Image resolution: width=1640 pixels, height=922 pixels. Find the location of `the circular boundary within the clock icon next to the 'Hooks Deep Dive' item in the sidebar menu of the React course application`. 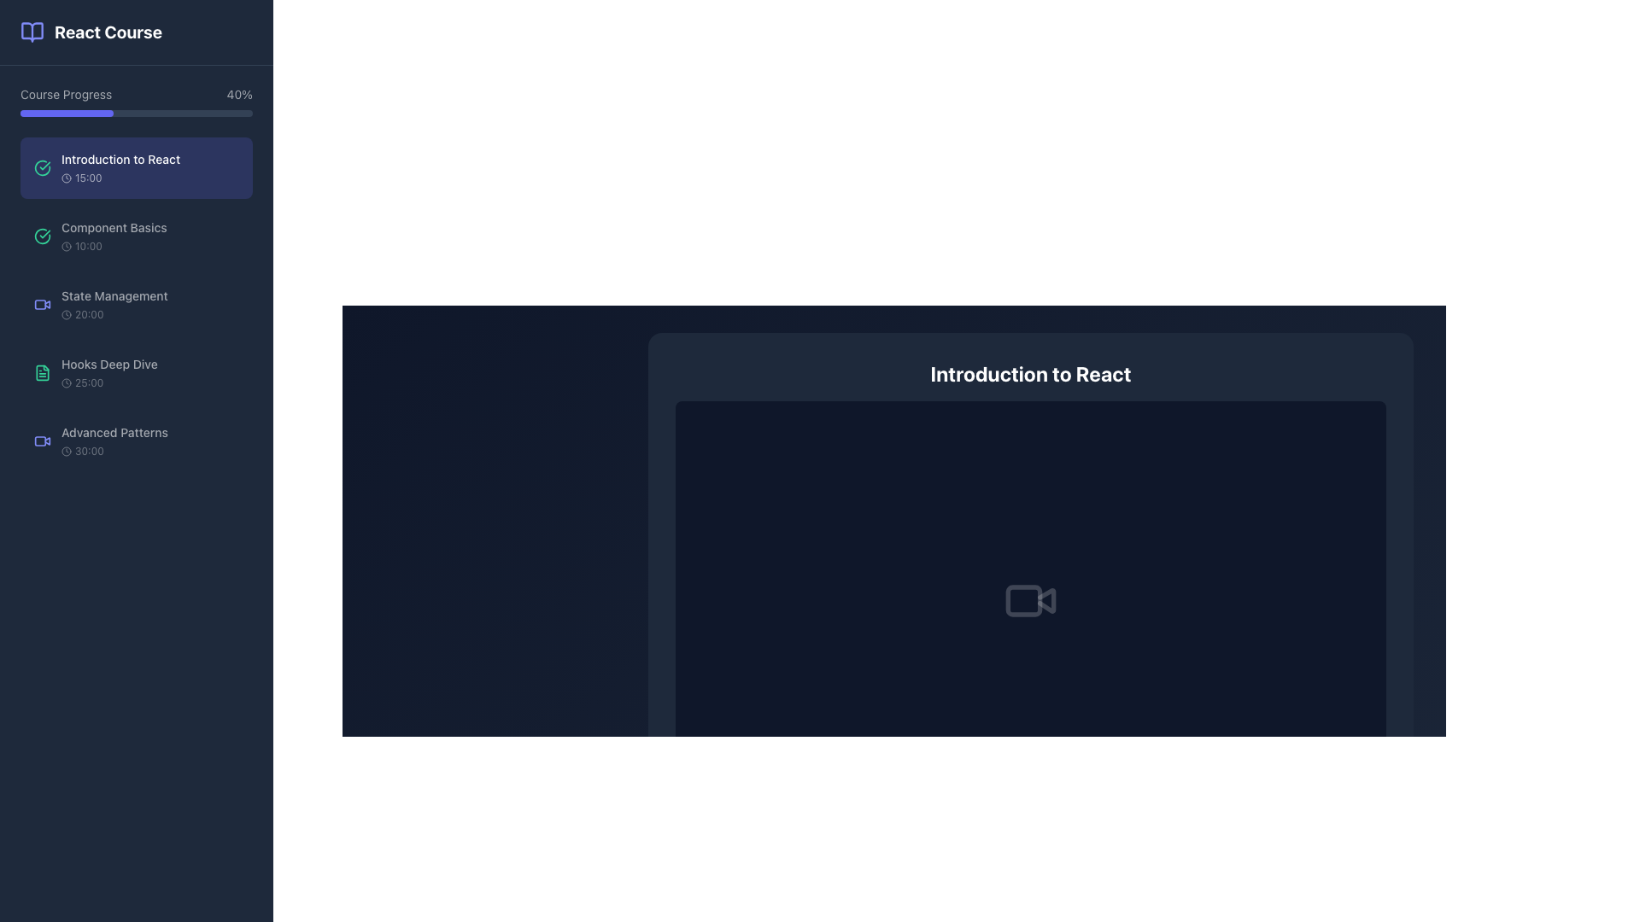

the circular boundary within the clock icon next to the 'Hooks Deep Dive' item in the sidebar menu of the React course application is located at coordinates (66, 382).